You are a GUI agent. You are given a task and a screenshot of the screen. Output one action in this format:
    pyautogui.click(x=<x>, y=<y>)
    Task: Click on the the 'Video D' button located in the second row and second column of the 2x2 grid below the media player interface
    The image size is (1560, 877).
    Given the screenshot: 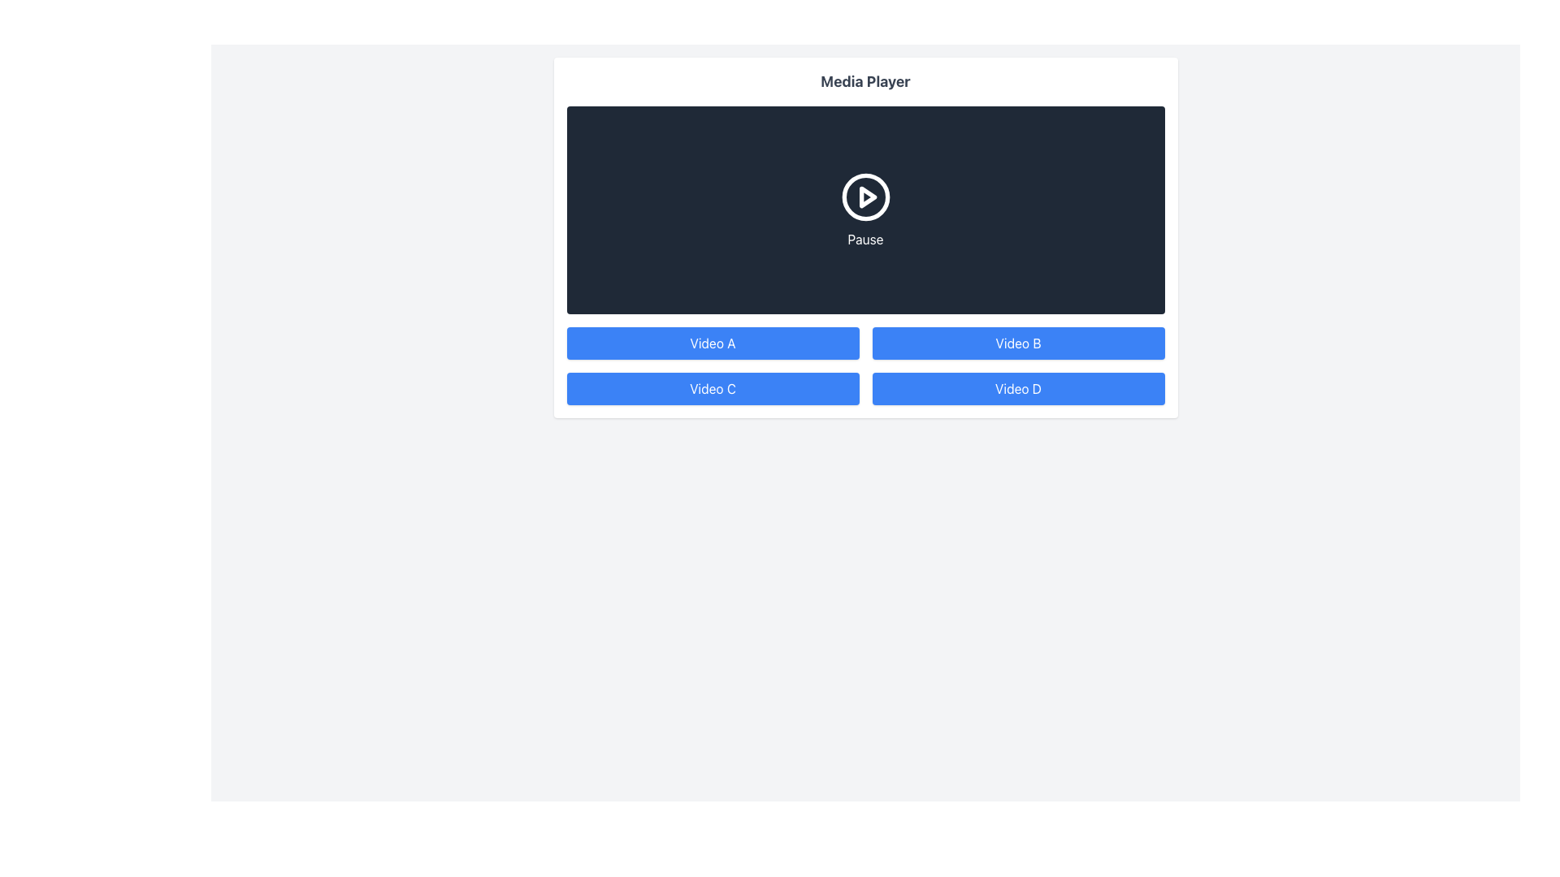 What is the action you would take?
    pyautogui.click(x=1017, y=388)
    